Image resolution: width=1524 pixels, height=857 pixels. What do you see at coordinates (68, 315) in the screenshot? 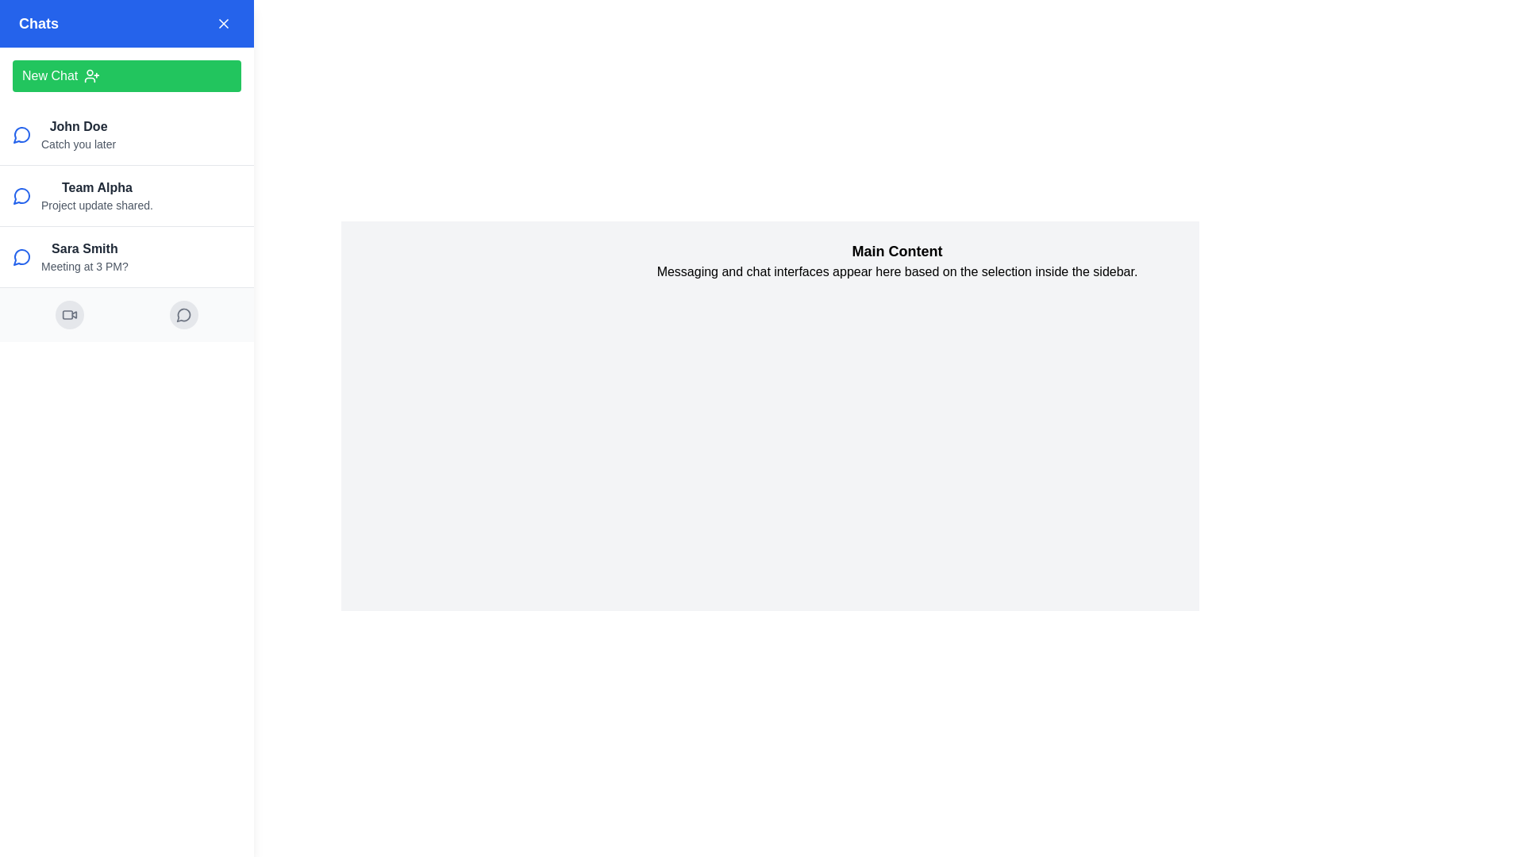
I see `the button with a camera icon located at the bottom of the sidebar` at bounding box center [68, 315].